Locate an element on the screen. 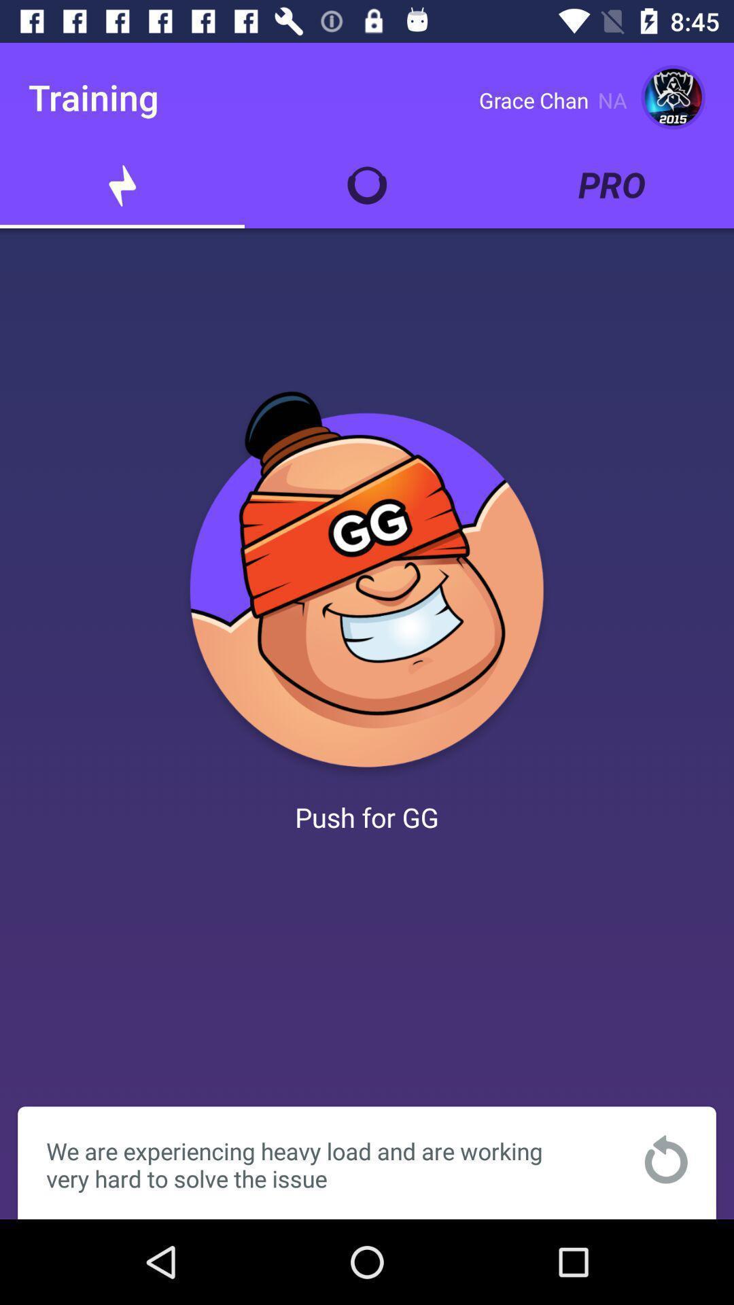  the icon below push for gg item is located at coordinates (665, 1158).